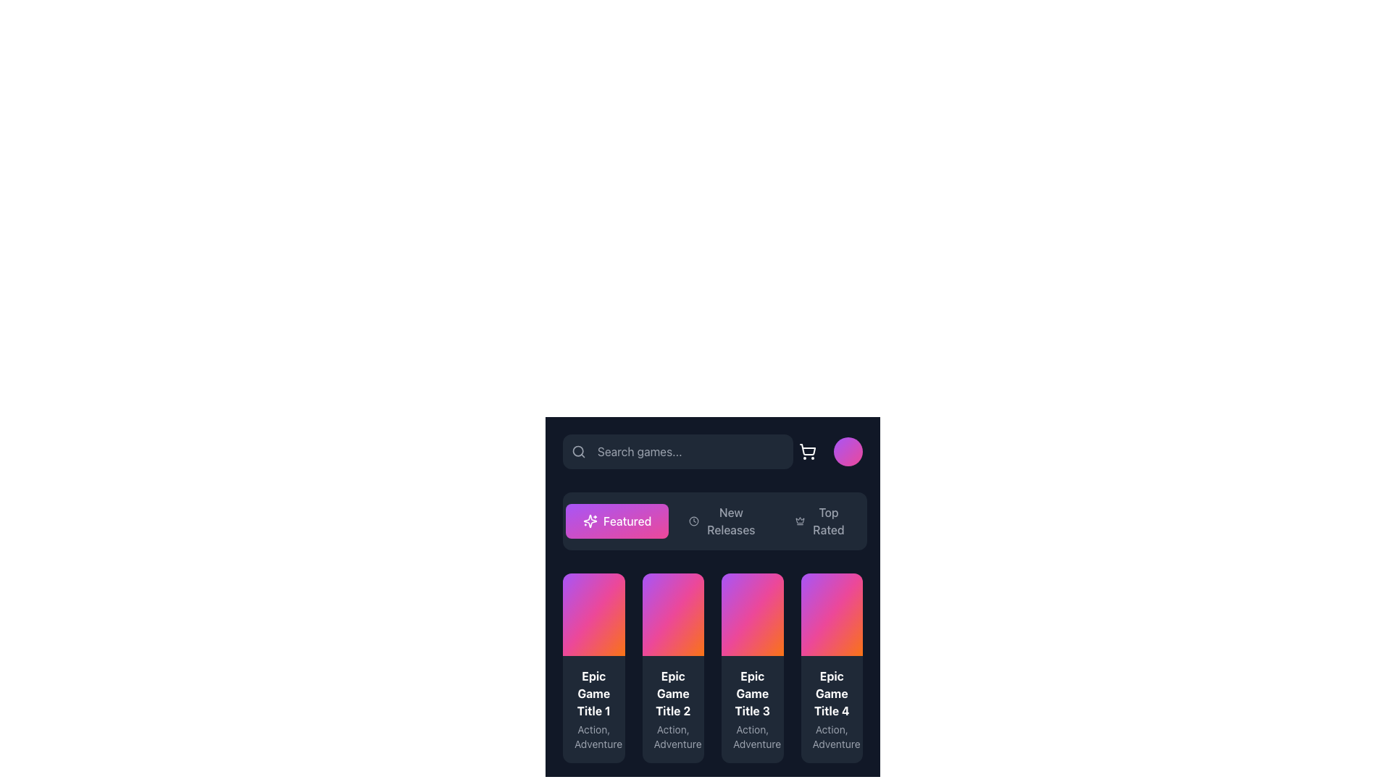 The width and height of the screenshot is (1391, 782). I want to click on the first button in a horizontal group of three, which has a gradient background from purple to pink and features the text 'Featured' with a sparkles icon, so click(617, 521).